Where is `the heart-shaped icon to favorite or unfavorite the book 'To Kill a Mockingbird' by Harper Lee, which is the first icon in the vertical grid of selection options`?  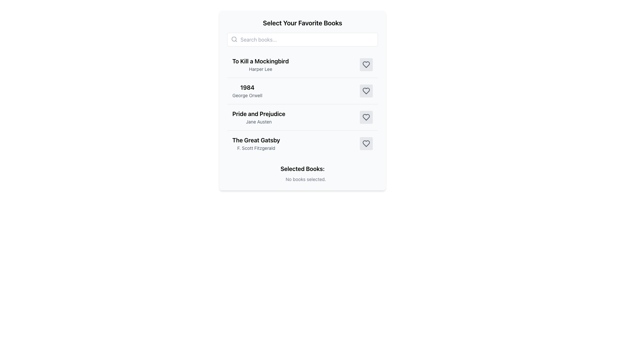 the heart-shaped icon to favorite or unfavorite the book 'To Kill a Mockingbird' by Harper Lee, which is the first icon in the vertical grid of selection options is located at coordinates (366, 65).